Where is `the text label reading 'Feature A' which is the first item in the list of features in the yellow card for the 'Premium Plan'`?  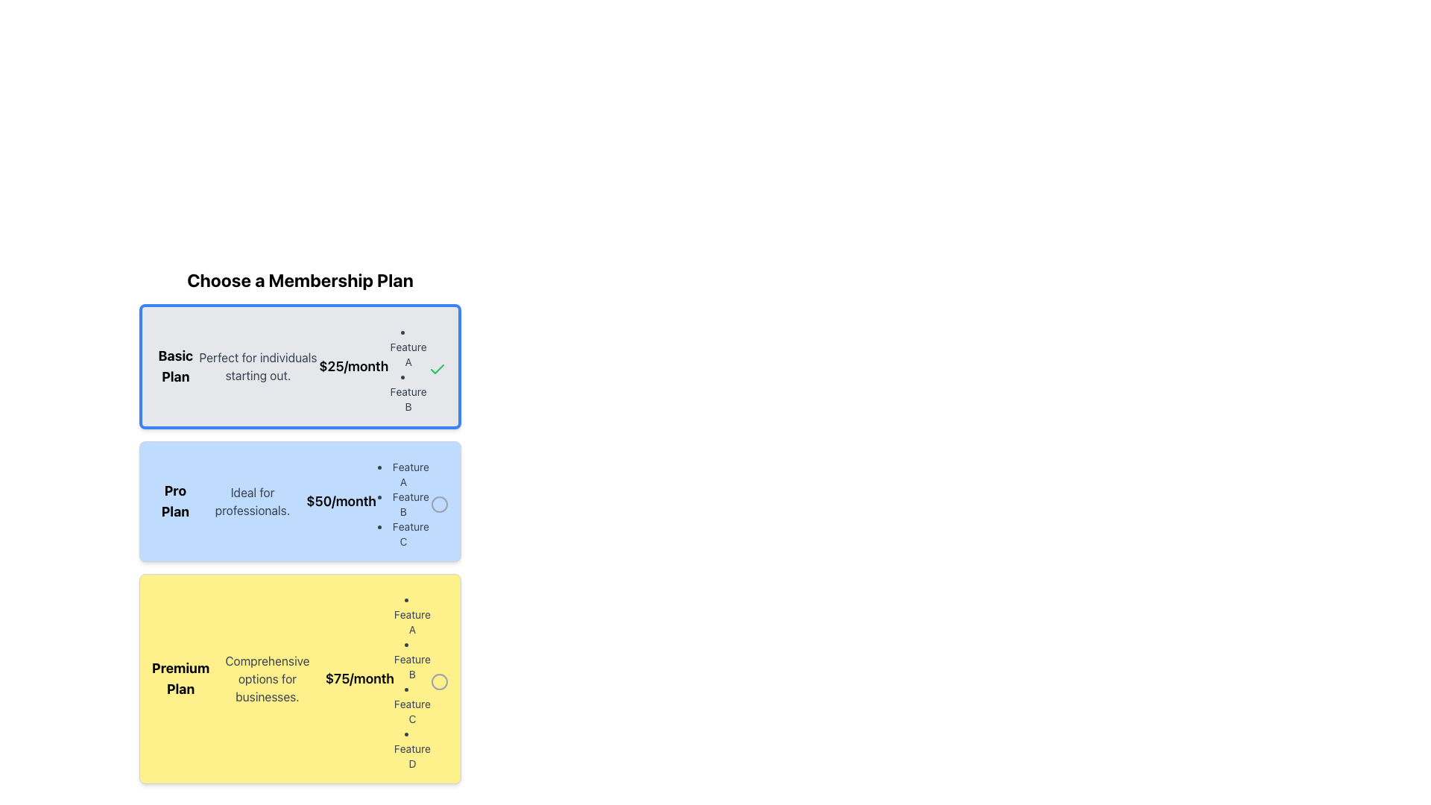 the text label reading 'Feature A' which is the first item in the list of features in the yellow card for the 'Premium Plan' is located at coordinates (412, 615).